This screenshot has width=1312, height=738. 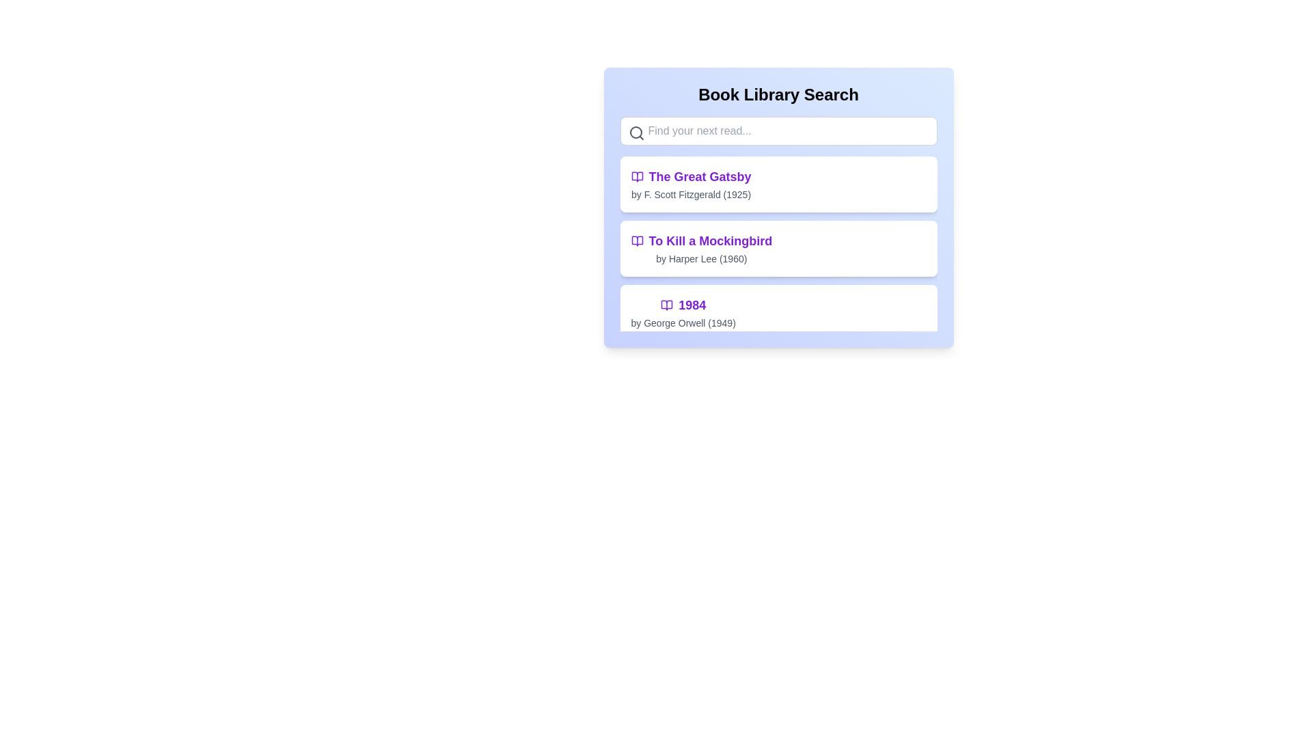 What do you see at coordinates (683, 305) in the screenshot?
I see `the bold purple text label '1984' with an inline book icon` at bounding box center [683, 305].